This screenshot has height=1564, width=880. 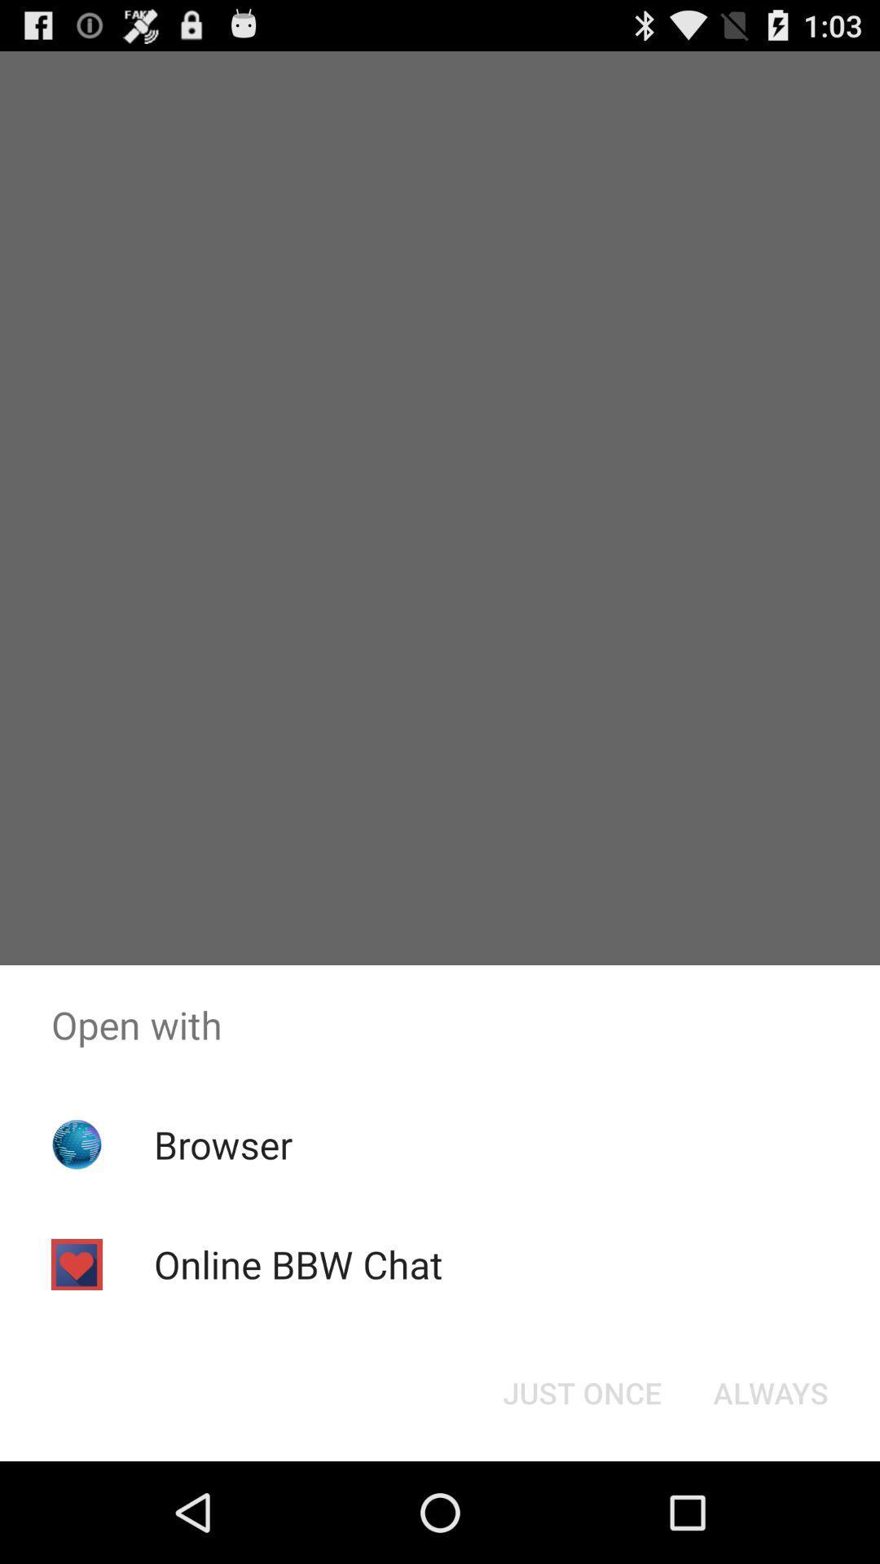 I want to click on the online bbw chat icon, so click(x=298, y=1263).